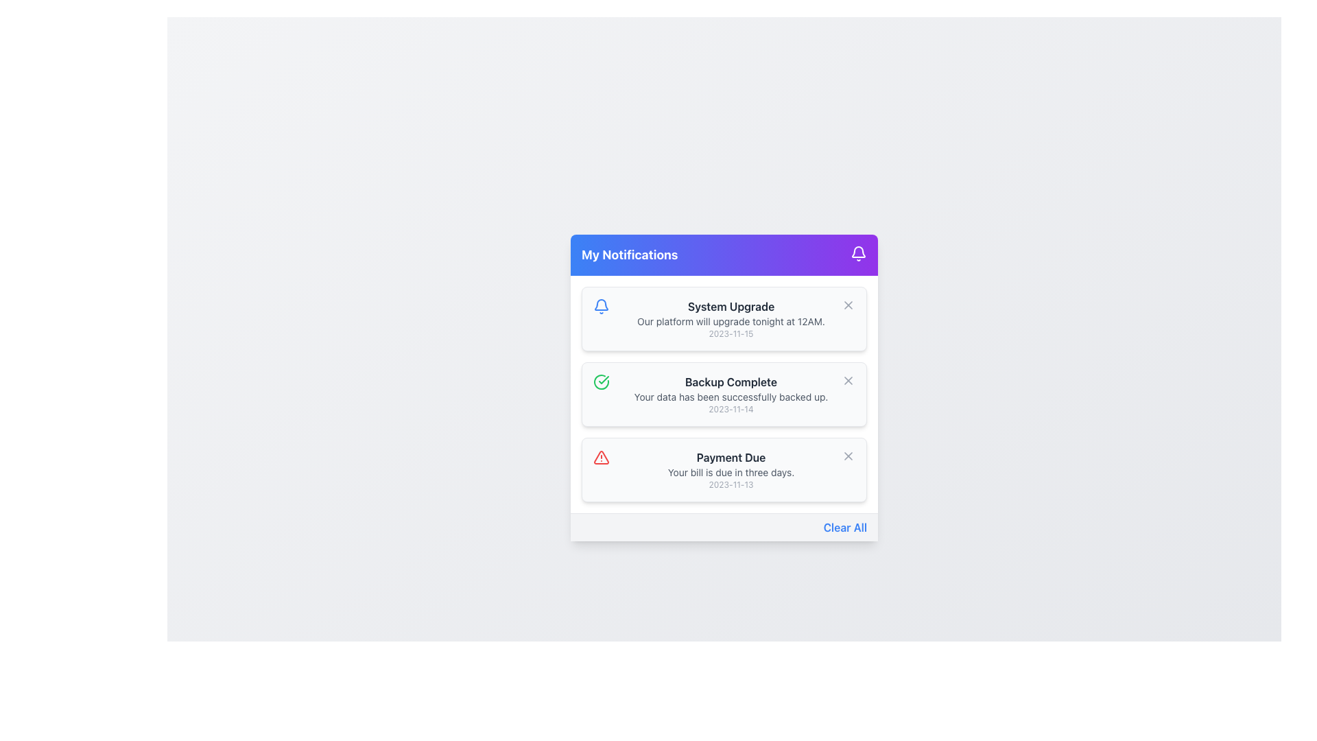 The image size is (1317, 741). Describe the element at coordinates (730, 320) in the screenshot. I see `the Text Block that provides details about the system upgrade scheduled for tonight at 12AM, which is positioned below the 'System Upgrade' header` at that location.